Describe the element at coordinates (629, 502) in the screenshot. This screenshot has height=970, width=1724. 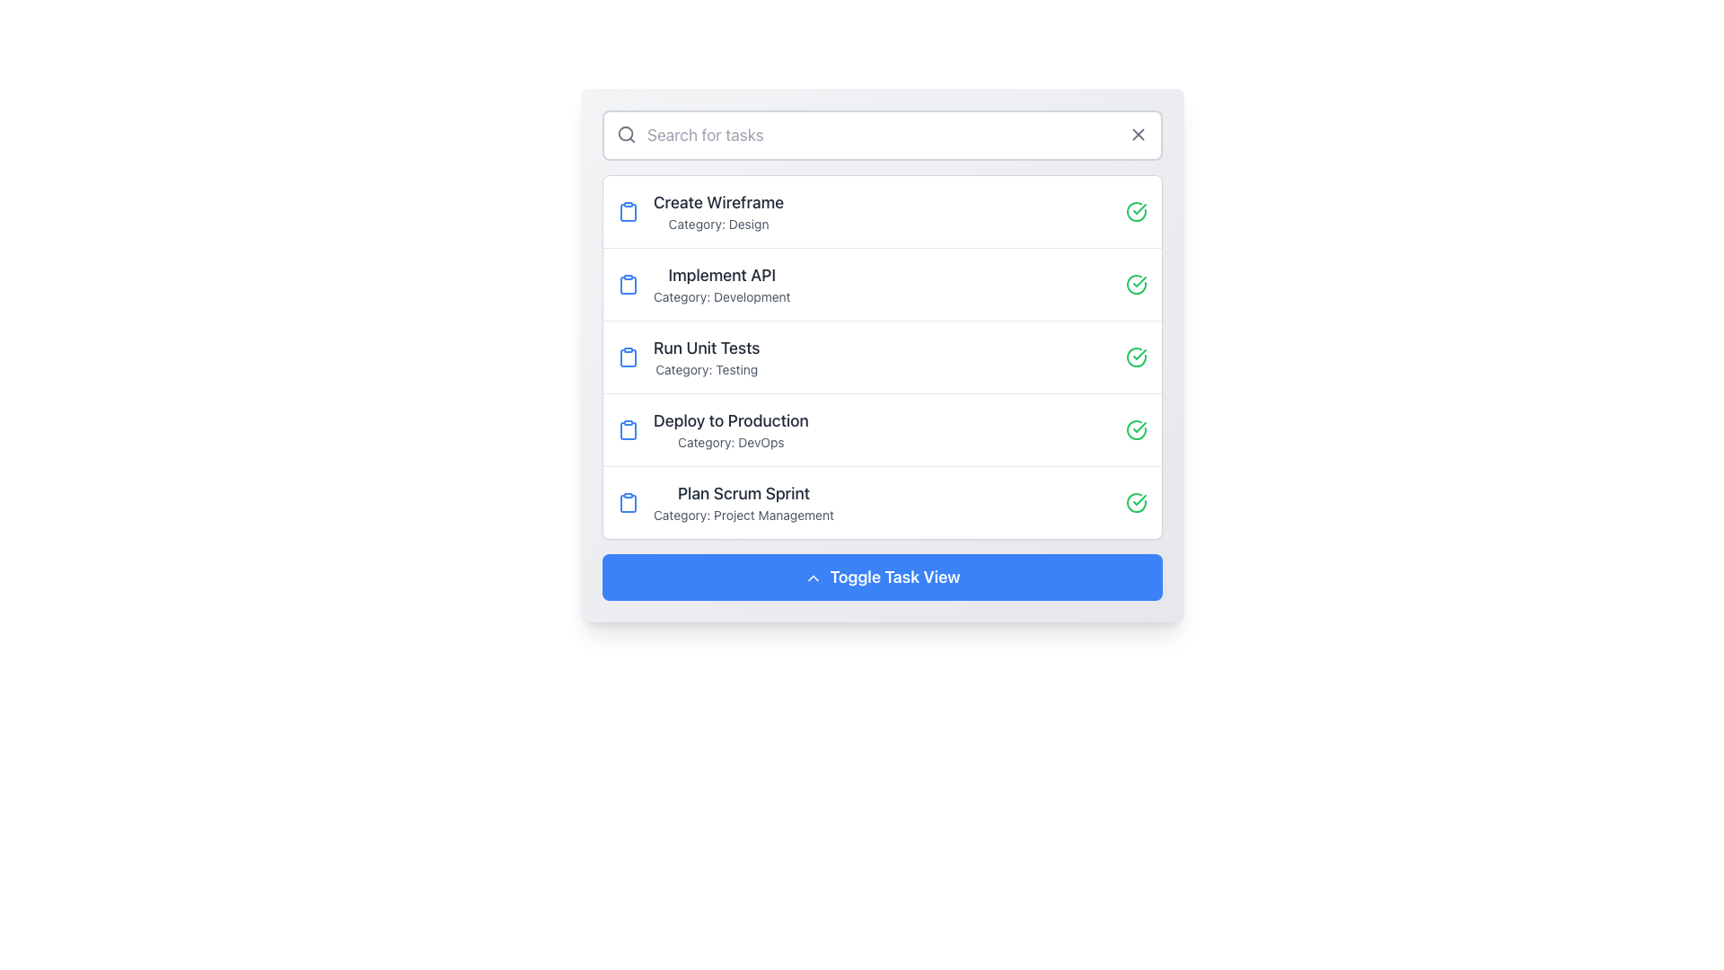
I see `the fifth clipboard icon on the left side of the row representing the task 'Plan Scrum Sprint'` at that location.